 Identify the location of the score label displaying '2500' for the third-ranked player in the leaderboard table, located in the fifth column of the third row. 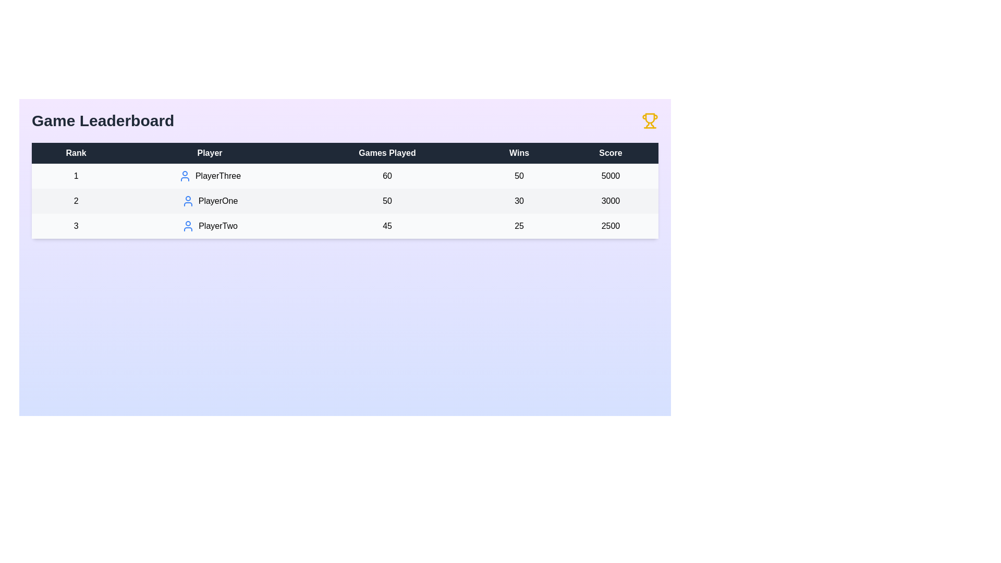
(611, 226).